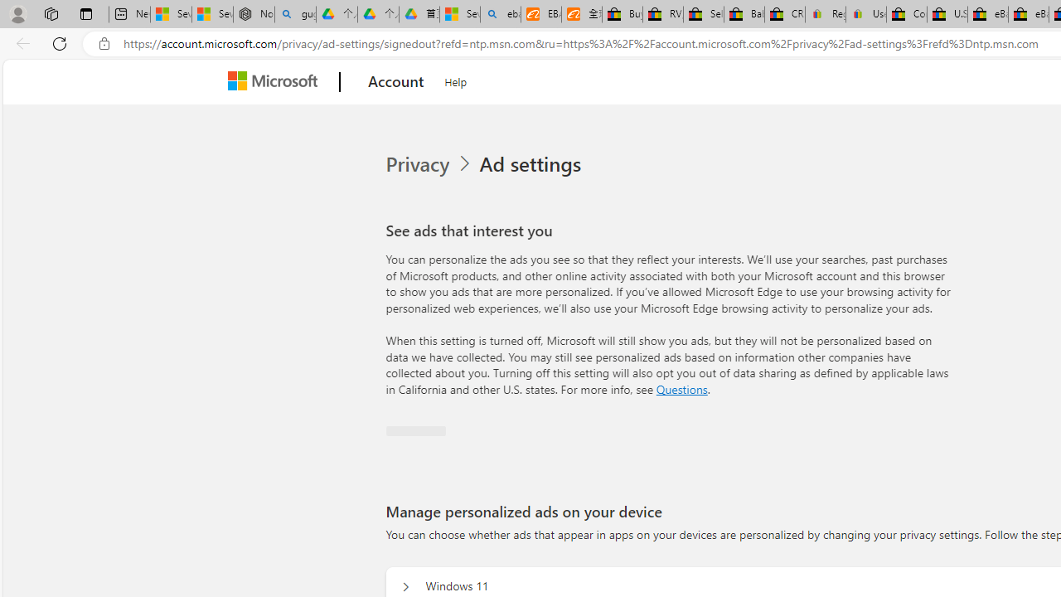  I want to click on 'Account', so click(395, 82).